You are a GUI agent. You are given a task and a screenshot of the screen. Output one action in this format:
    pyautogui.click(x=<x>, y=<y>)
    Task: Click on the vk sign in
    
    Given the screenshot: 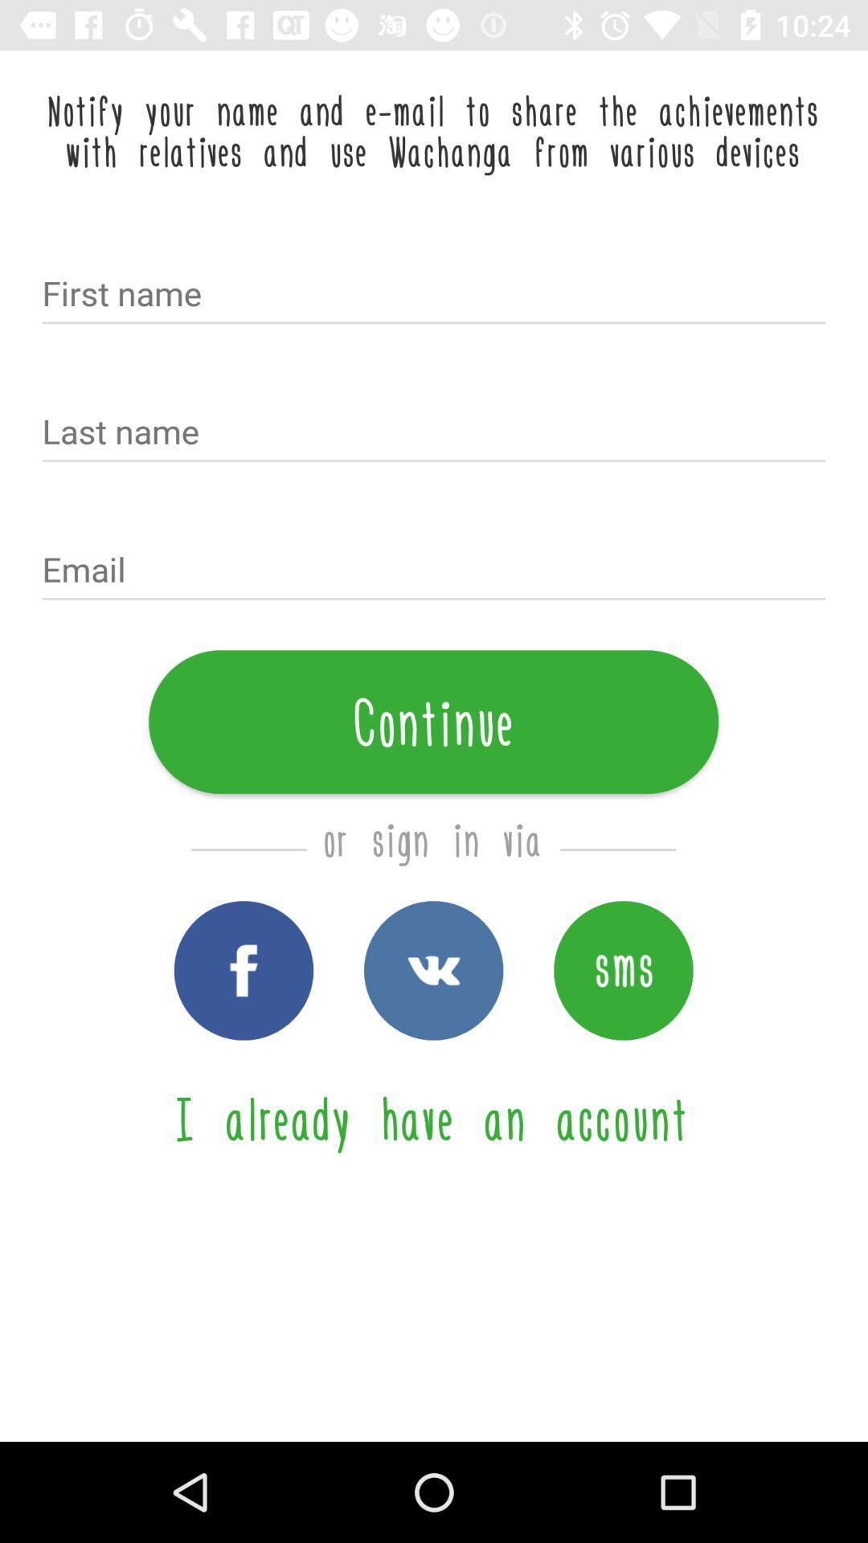 What is the action you would take?
    pyautogui.click(x=432, y=969)
    